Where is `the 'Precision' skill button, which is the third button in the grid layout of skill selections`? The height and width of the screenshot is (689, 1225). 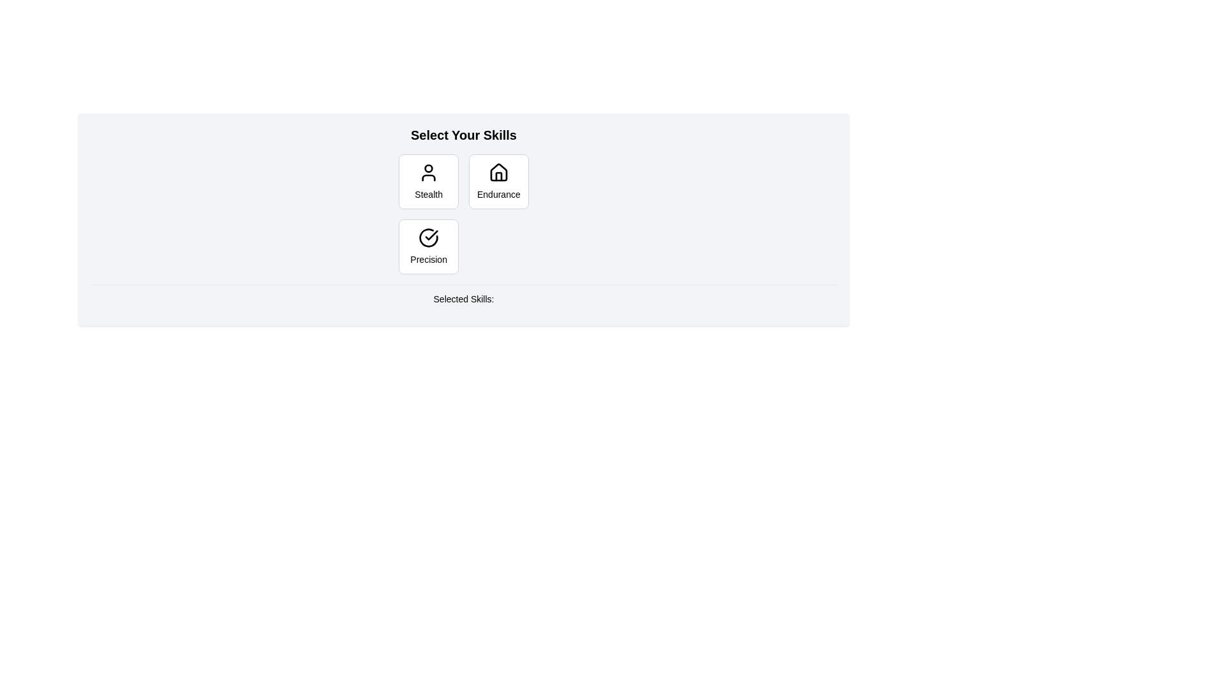
the 'Precision' skill button, which is the third button in the grid layout of skill selections is located at coordinates (429, 246).